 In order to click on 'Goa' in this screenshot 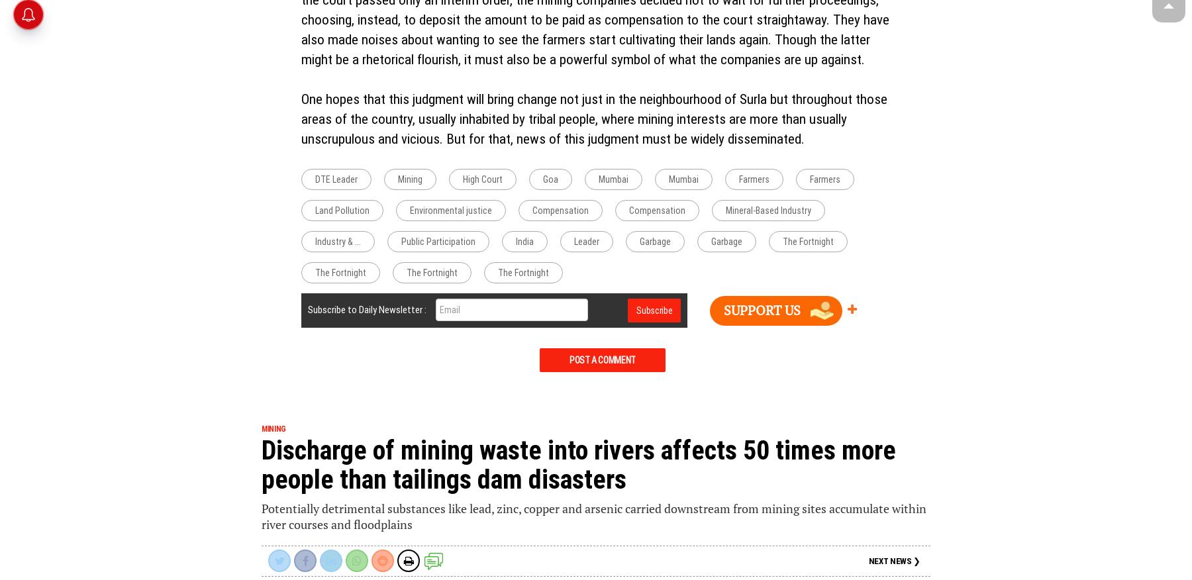, I will do `click(543, 179)`.